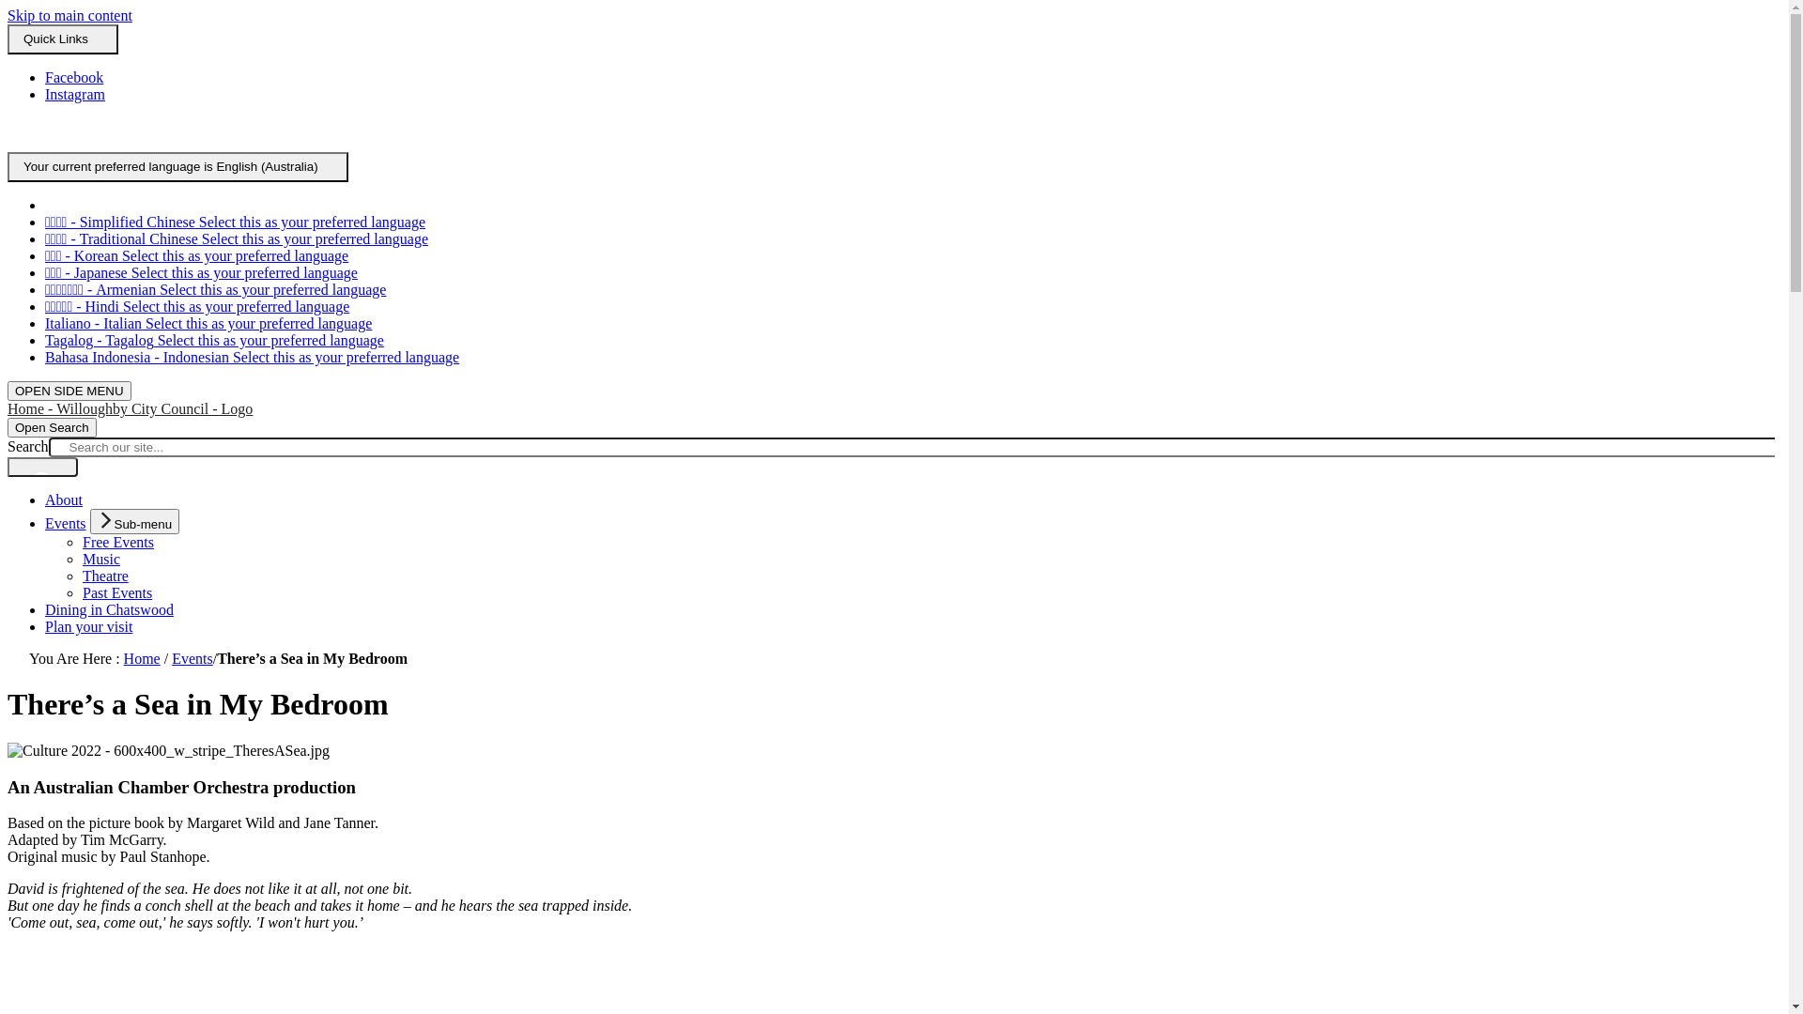 The height and width of the screenshot is (1014, 1803). Describe the element at coordinates (75, 94) in the screenshot. I see `'Instagram'` at that location.